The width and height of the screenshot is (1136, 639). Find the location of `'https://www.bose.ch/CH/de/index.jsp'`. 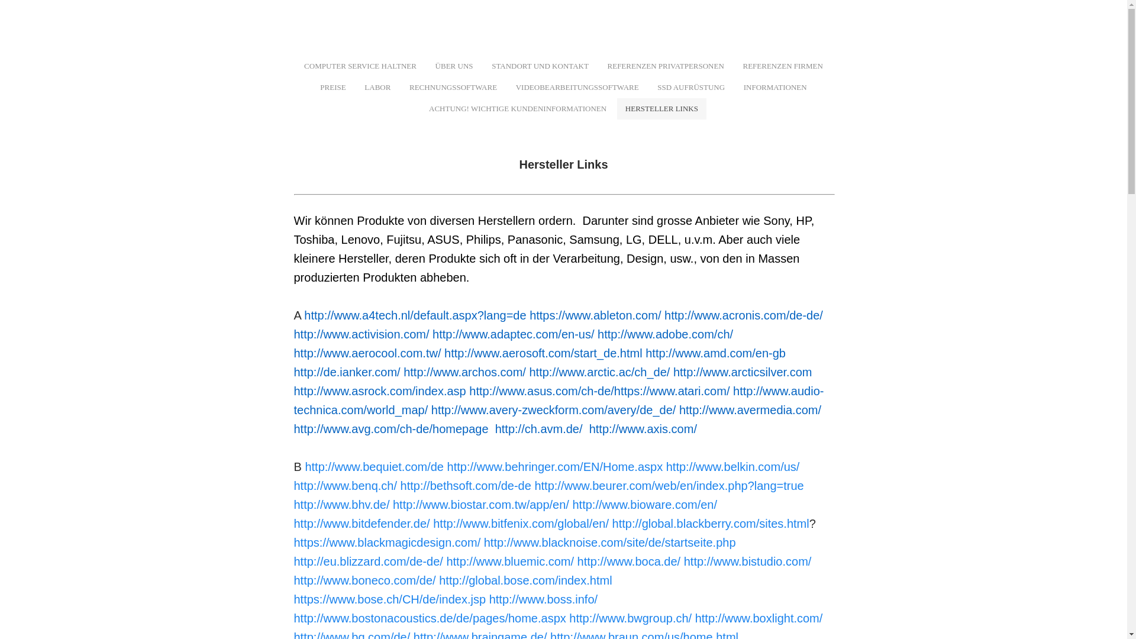

'https://www.bose.ch/CH/de/index.jsp' is located at coordinates (389, 599).